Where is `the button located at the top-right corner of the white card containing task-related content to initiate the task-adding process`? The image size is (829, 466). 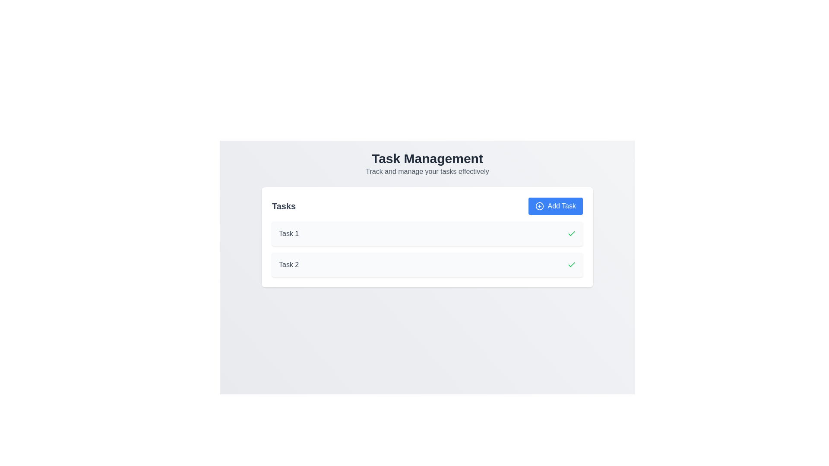 the button located at the top-right corner of the white card containing task-related content to initiate the task-adding process is located at coordinates (555, 206).